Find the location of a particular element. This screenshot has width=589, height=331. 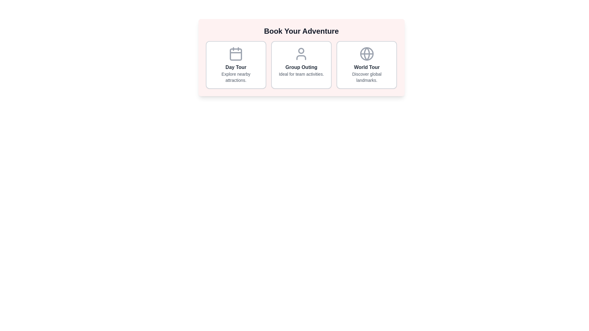

the user or group icon located in the middle row of the 'Group Outing' panel, which is the third section from the left is located at coordinates (301, 54).